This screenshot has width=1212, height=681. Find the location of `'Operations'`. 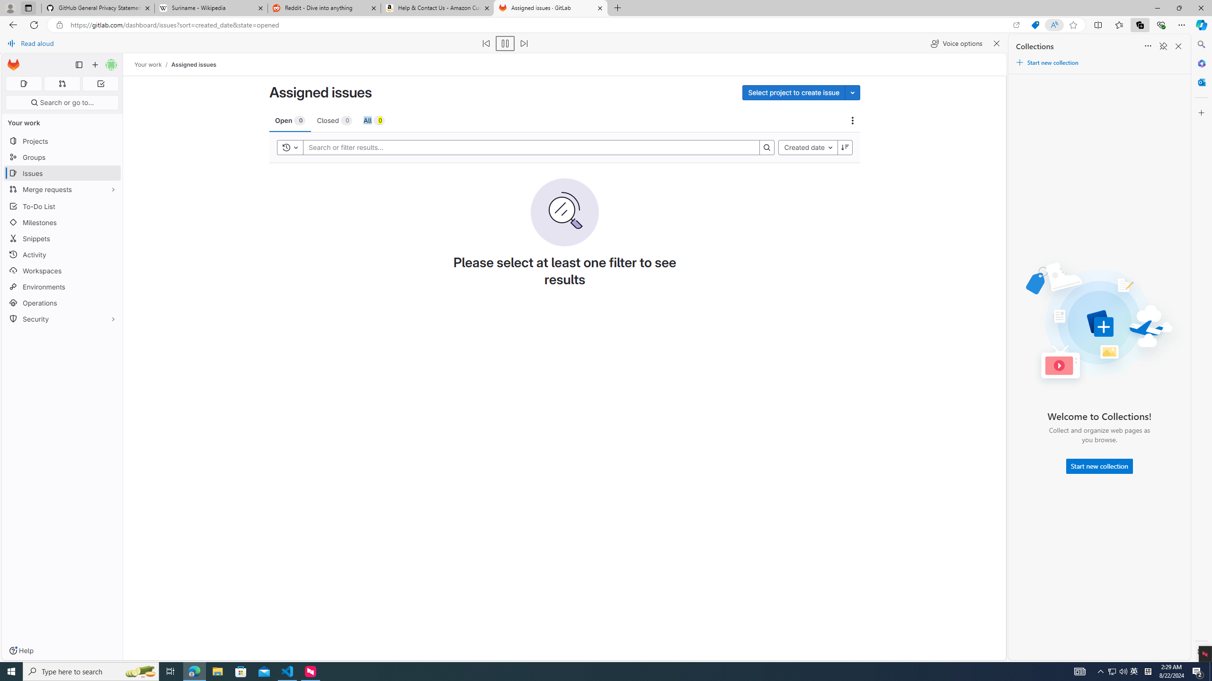

'Operations' is located at coordinates (62, 302).